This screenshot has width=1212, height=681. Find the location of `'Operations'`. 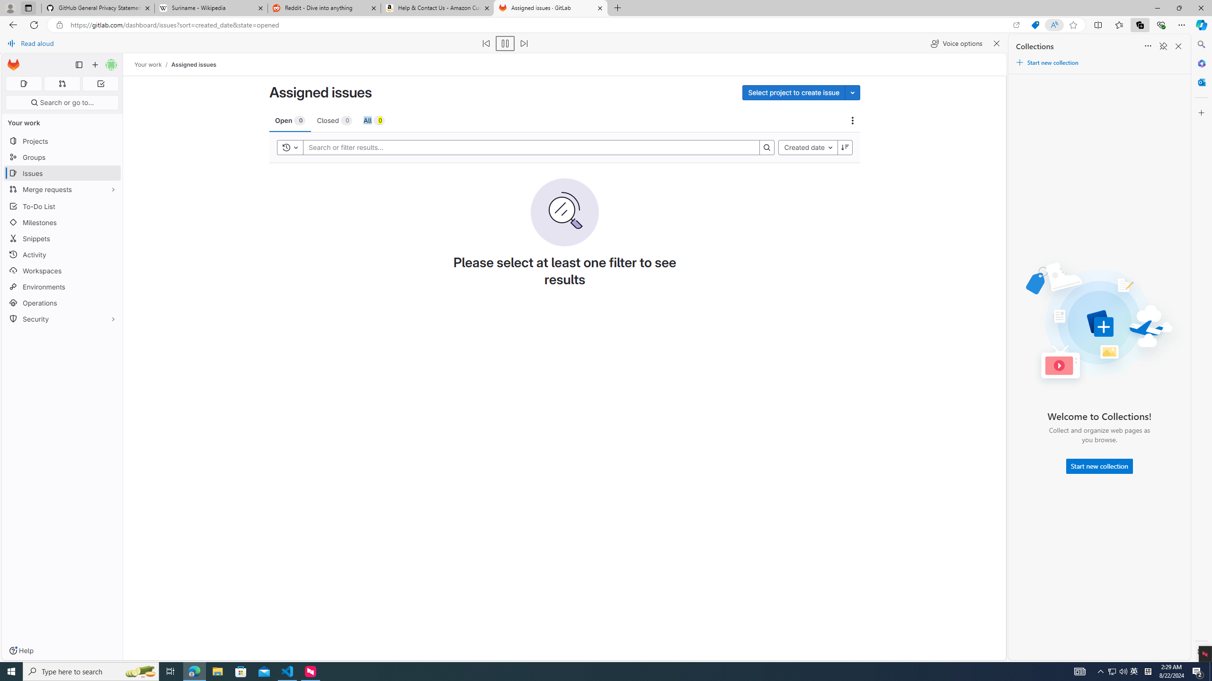

'Operations' is located at coordinates (62, 302).